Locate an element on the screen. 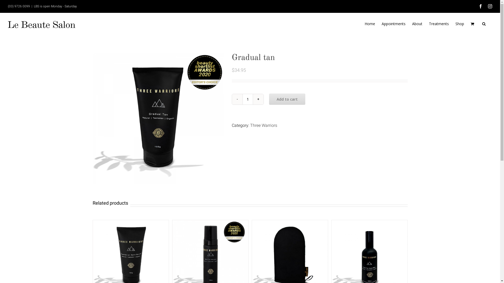 The width and height of the screenshot is (504, 283). 'Shop' is located at coordinates (459, 24).